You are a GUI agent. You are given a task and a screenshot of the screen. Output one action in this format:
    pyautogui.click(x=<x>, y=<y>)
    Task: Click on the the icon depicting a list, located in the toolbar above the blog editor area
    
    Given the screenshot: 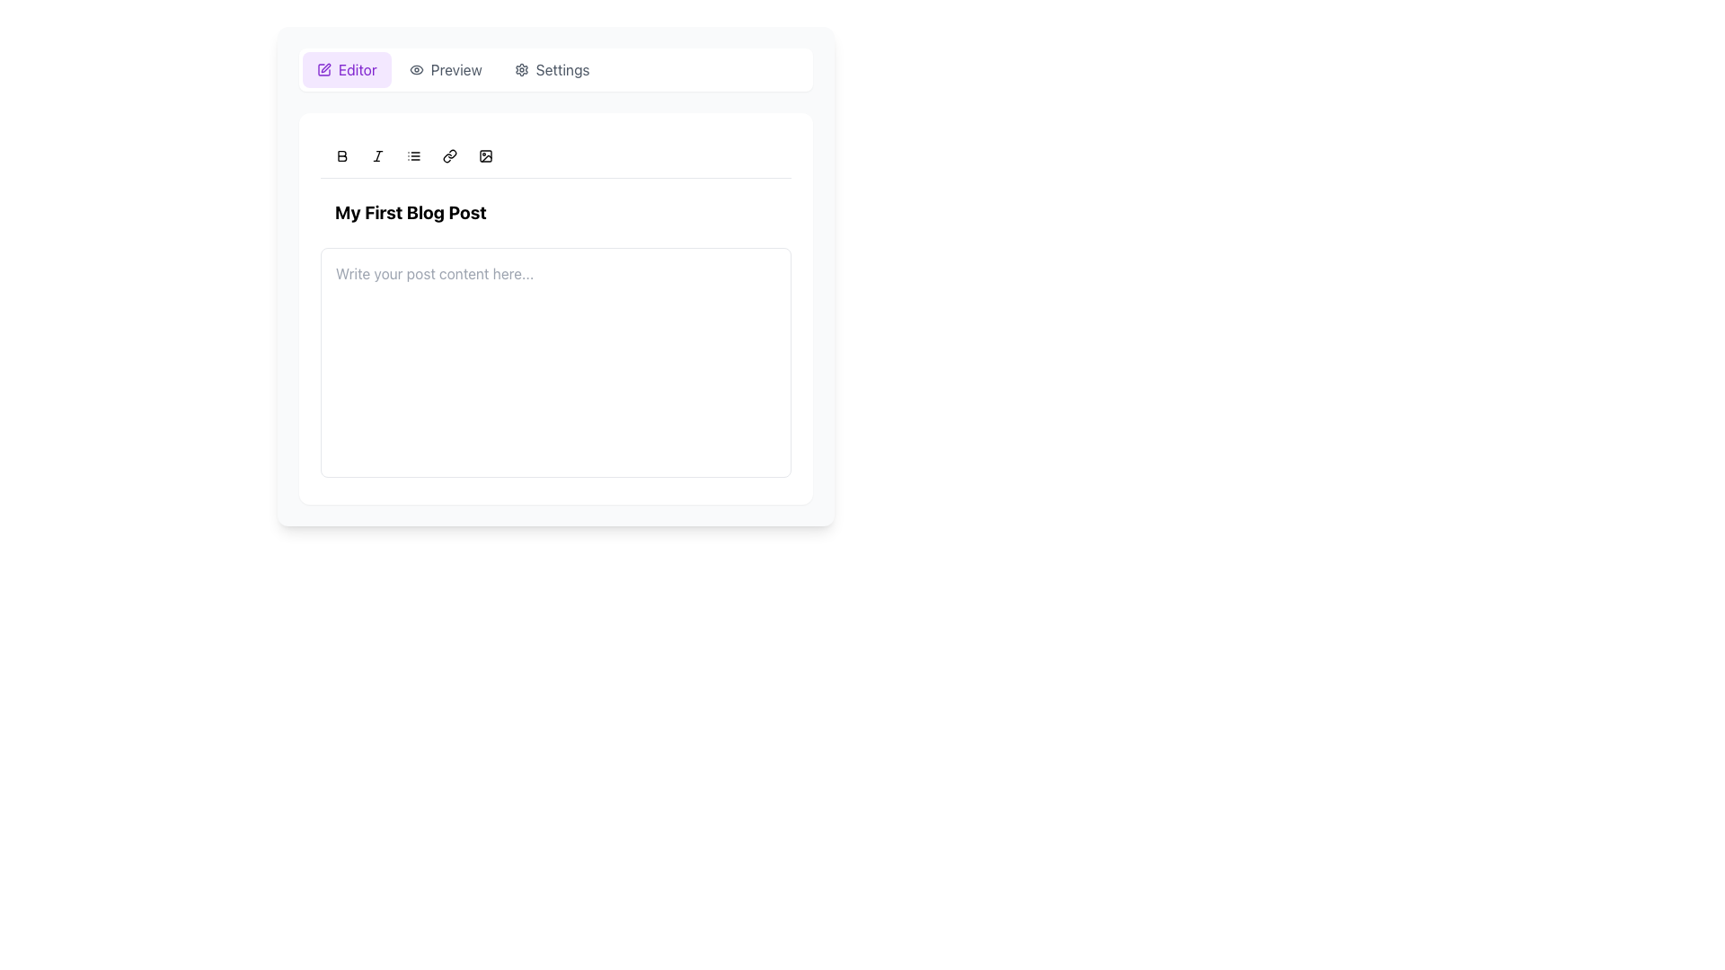 What is the action you would take?
    pyautogui.click(x=412, y=154)
    